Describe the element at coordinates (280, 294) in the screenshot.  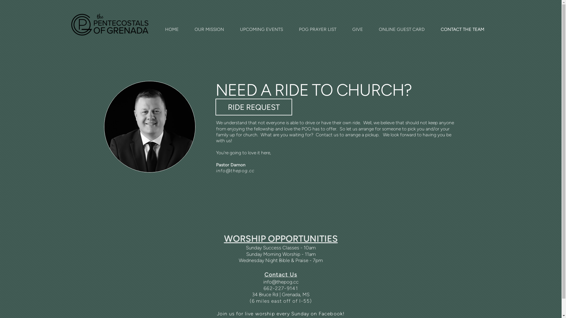
I see `'34 Bruce Rd | Grenada, MS'` at that location.